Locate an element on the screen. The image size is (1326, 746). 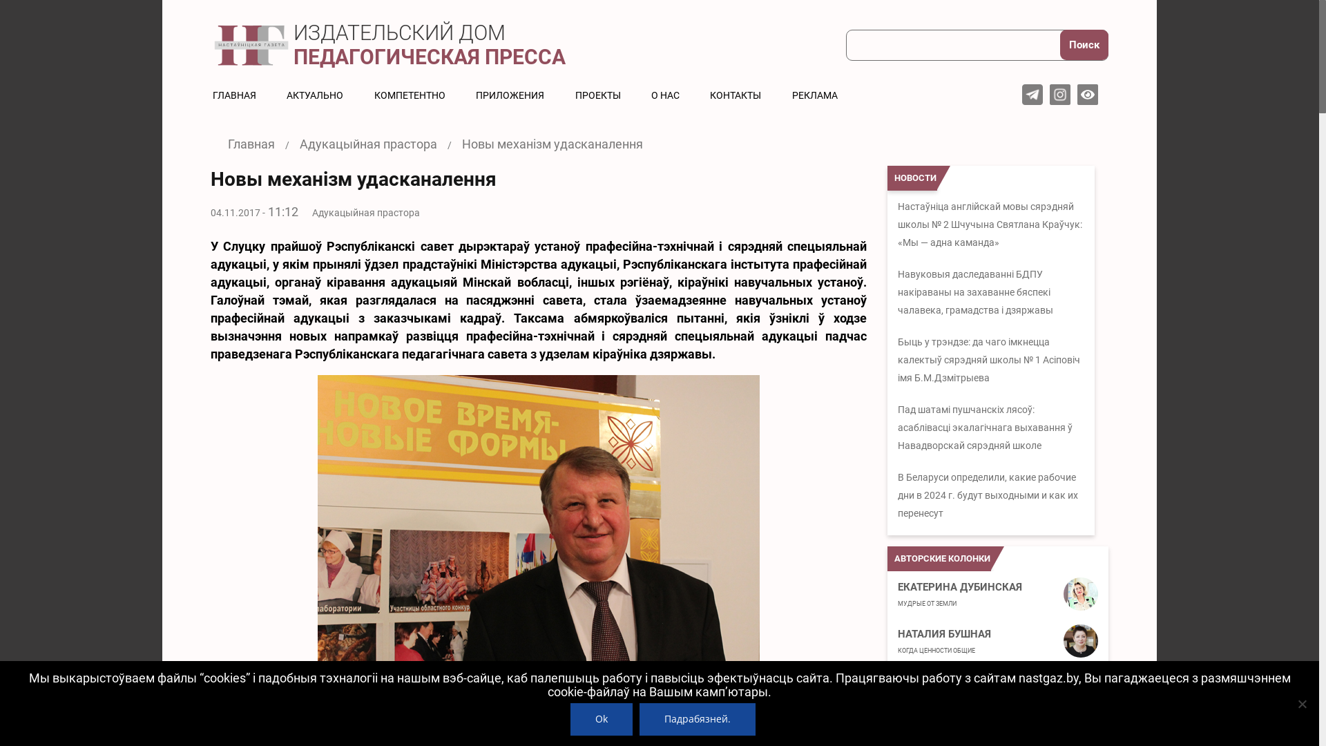
'Instagram' is located at coordinates (1050, 94).